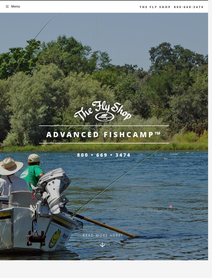 The image size is (212, 278). I want to click on 'Blog', so click(57, 54).